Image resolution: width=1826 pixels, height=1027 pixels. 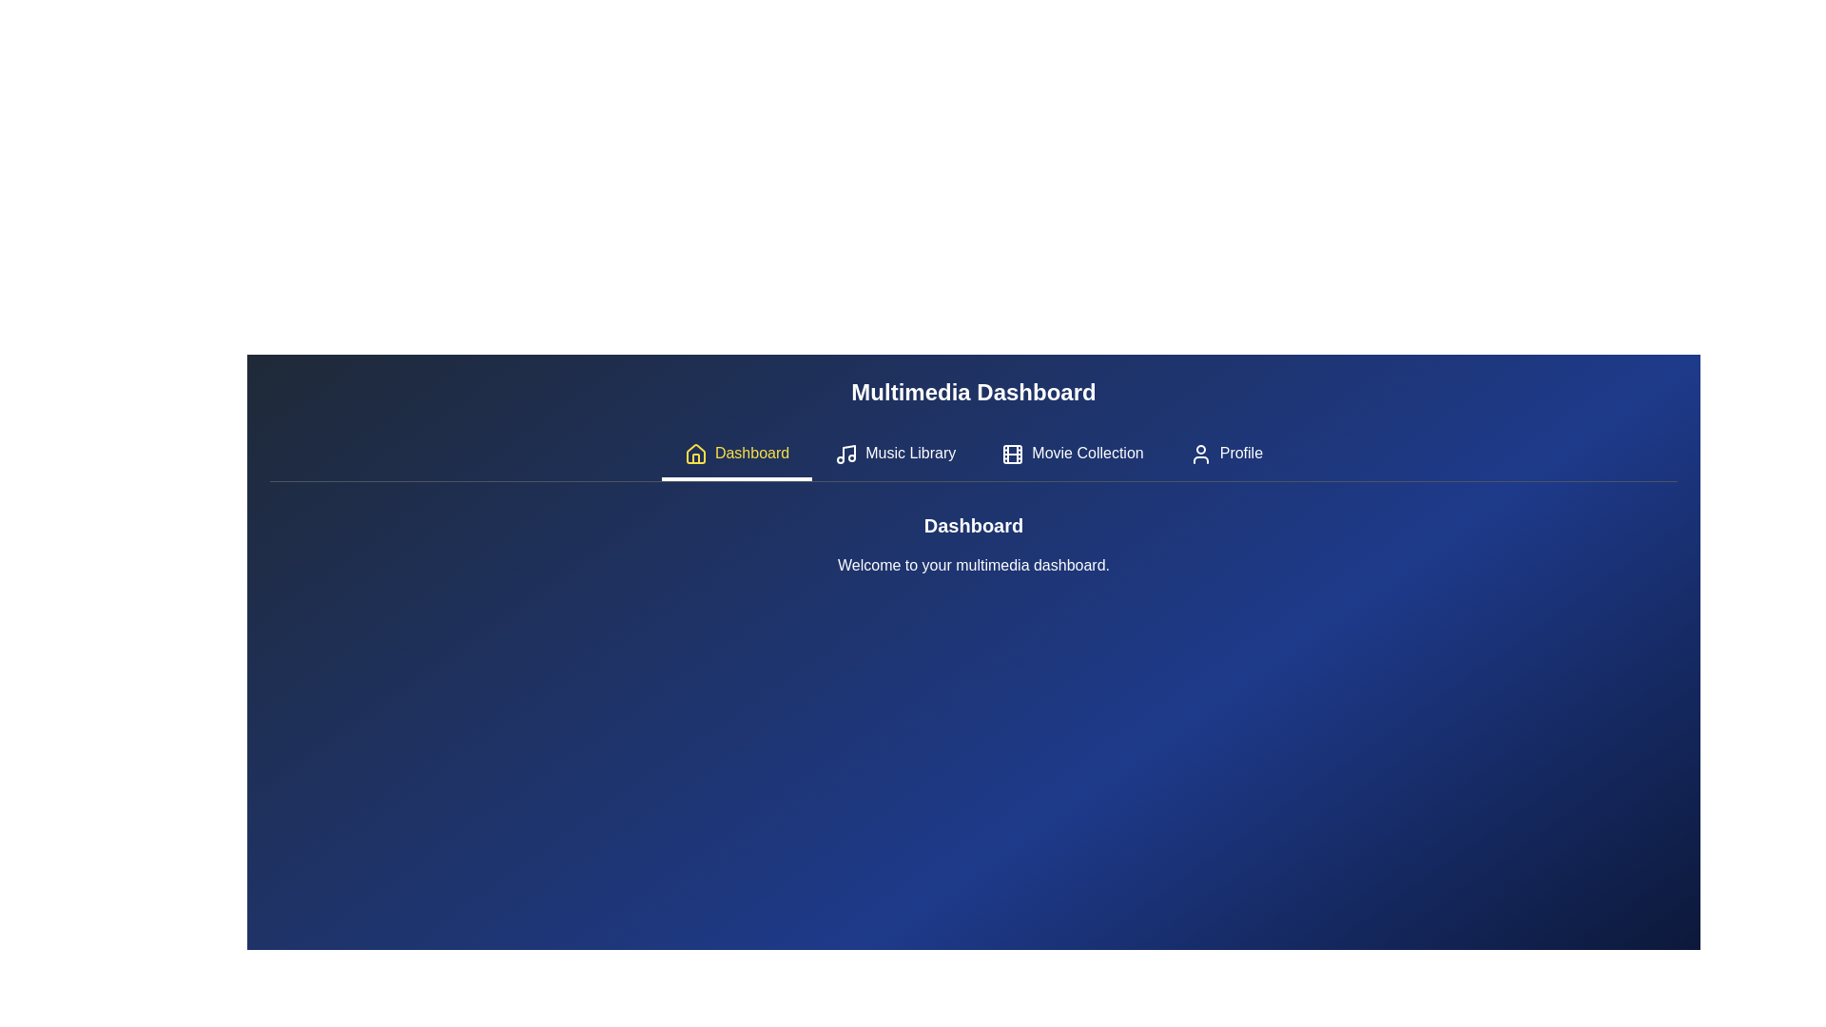 I want to click on the tab labeled Profile to activate it, so click(x=1226, y=455).